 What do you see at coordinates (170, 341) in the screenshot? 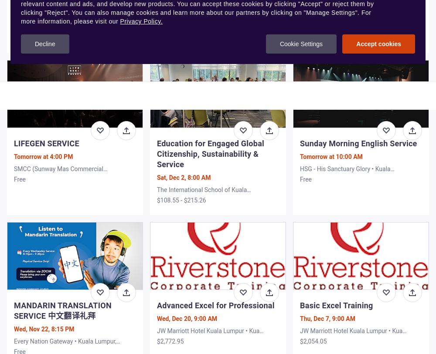
I see `'$2,772.95'` at bounding box center [170, 341].